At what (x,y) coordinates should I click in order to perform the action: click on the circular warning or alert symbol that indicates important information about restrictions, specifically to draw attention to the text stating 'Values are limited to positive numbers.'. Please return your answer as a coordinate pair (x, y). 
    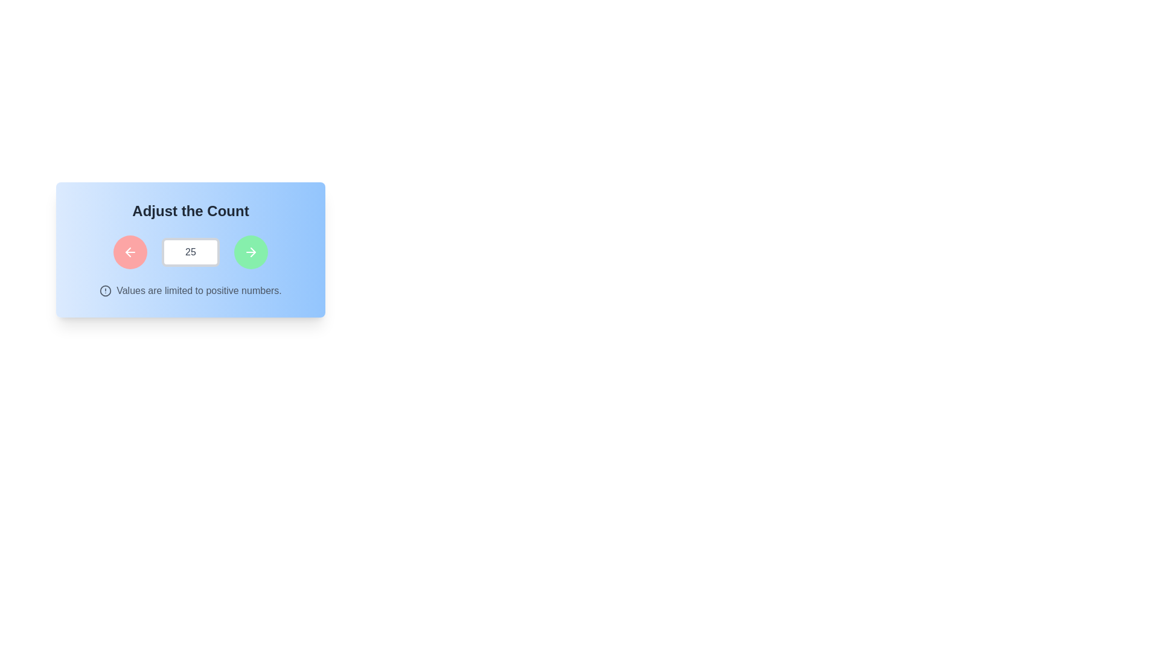
    Looking at the image, I should click on (106, 291).